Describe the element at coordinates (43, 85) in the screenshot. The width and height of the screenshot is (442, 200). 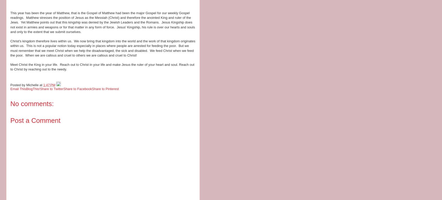
I see `'1:47 PM'` at that location.